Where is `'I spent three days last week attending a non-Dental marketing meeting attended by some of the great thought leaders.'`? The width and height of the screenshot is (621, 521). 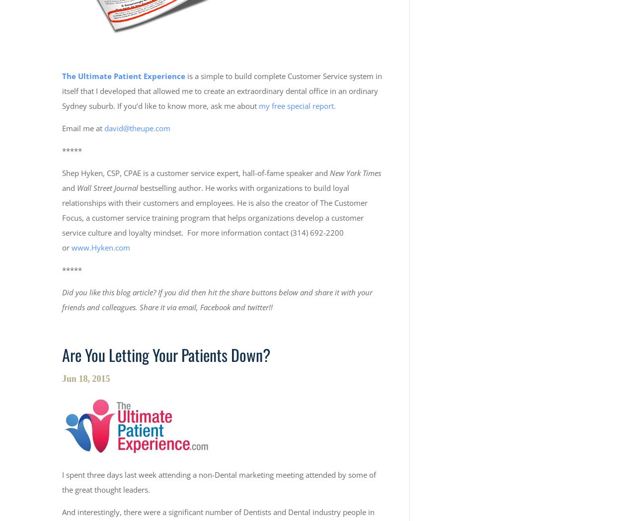
'I spent three days last week attending a non-Dental marketing meeting attended by some of the great thought leaders.' is located at coordinates (219, 482).